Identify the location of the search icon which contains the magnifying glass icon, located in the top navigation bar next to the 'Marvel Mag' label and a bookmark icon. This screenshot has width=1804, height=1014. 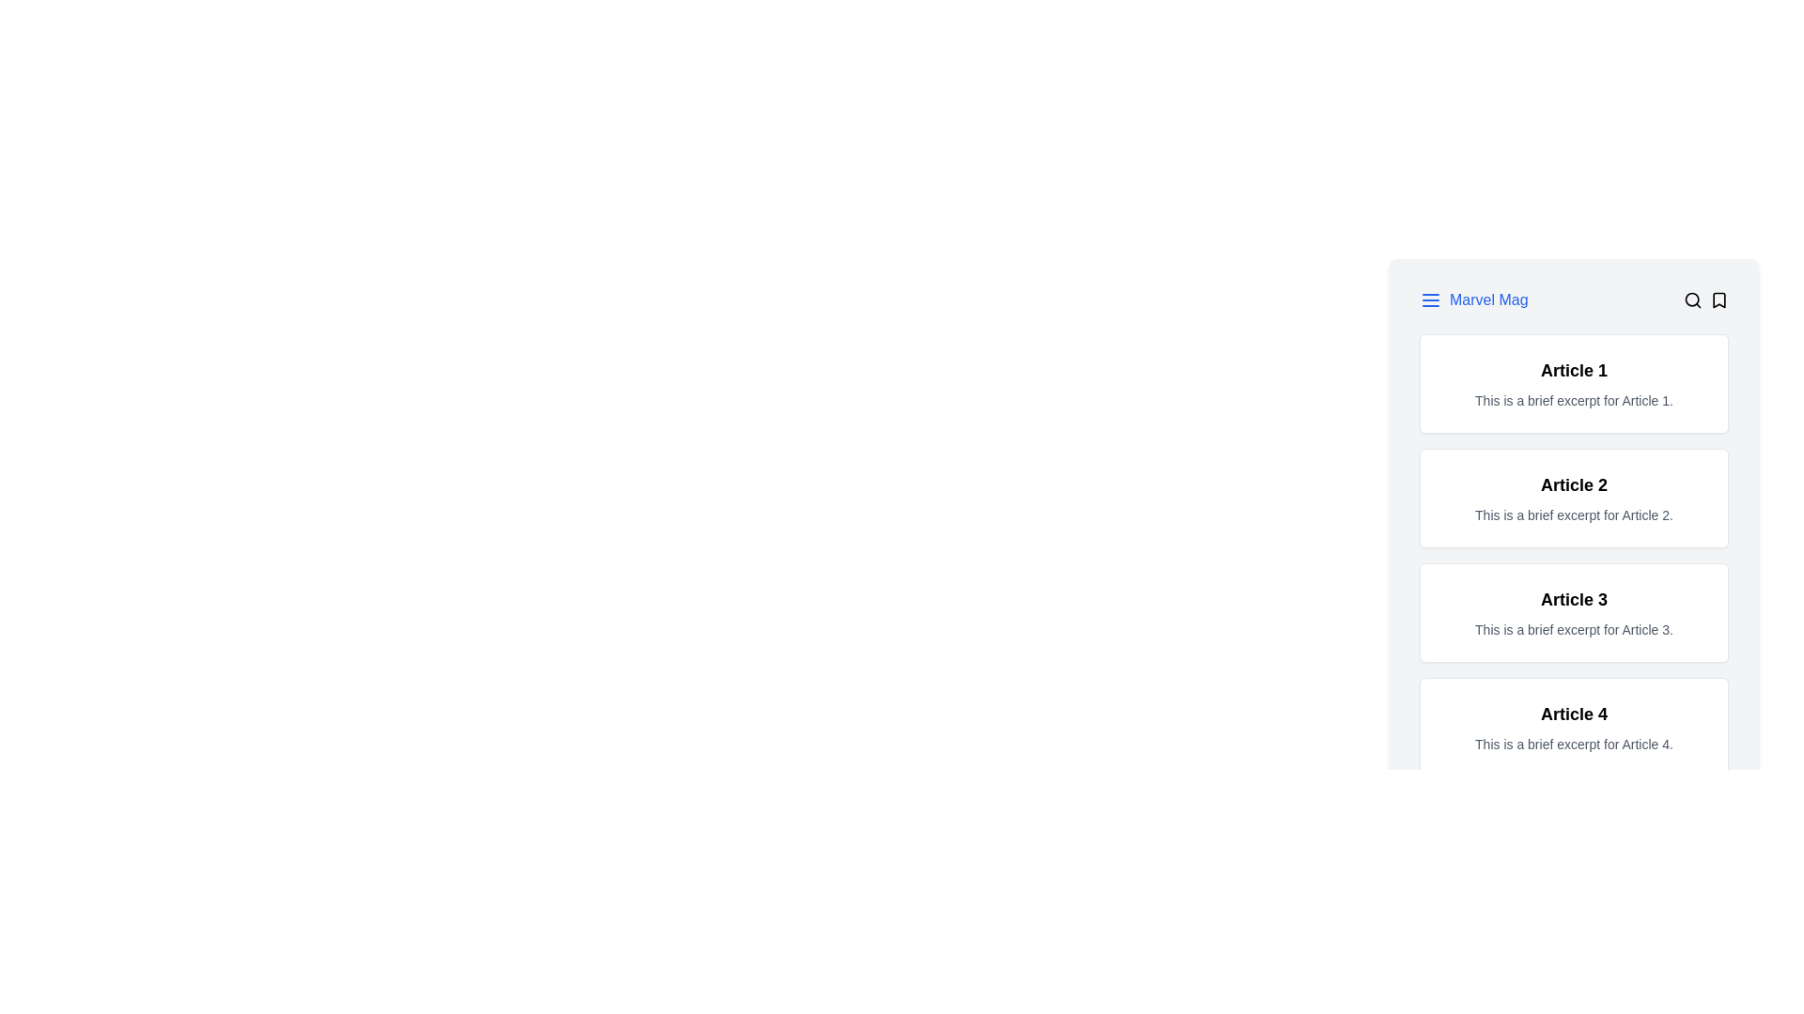
(1692, 299).